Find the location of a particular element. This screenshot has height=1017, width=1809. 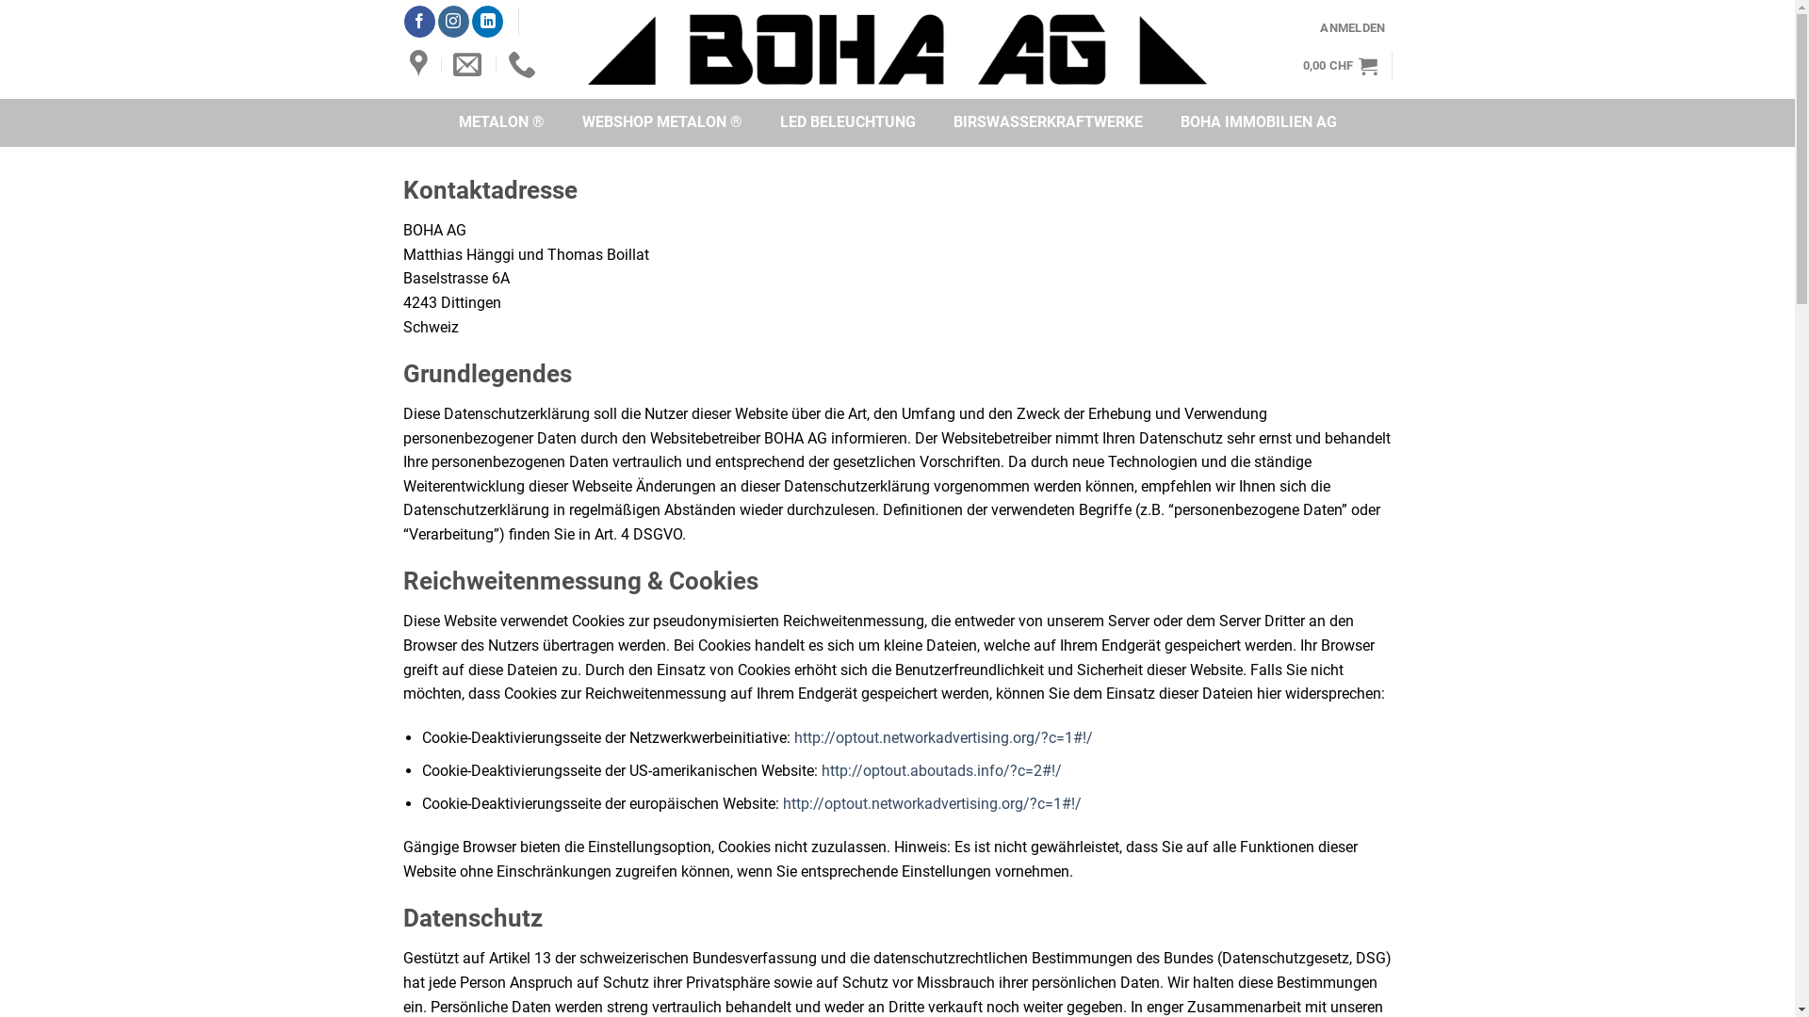

'http://optout.aboutads.info/?c=2#!/' is located at coordinates (941, 770).